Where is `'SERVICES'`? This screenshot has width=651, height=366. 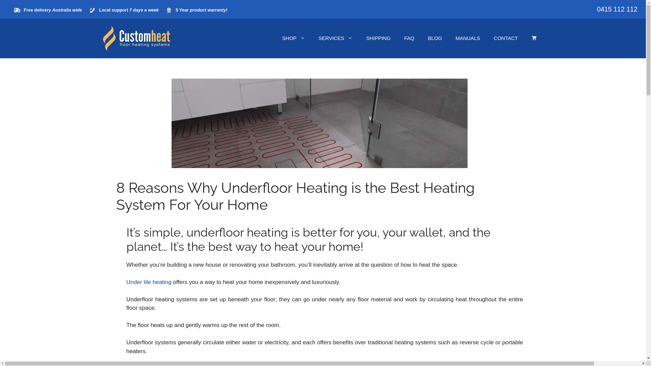 'SERVICES' is located at coordinates (336, 38).